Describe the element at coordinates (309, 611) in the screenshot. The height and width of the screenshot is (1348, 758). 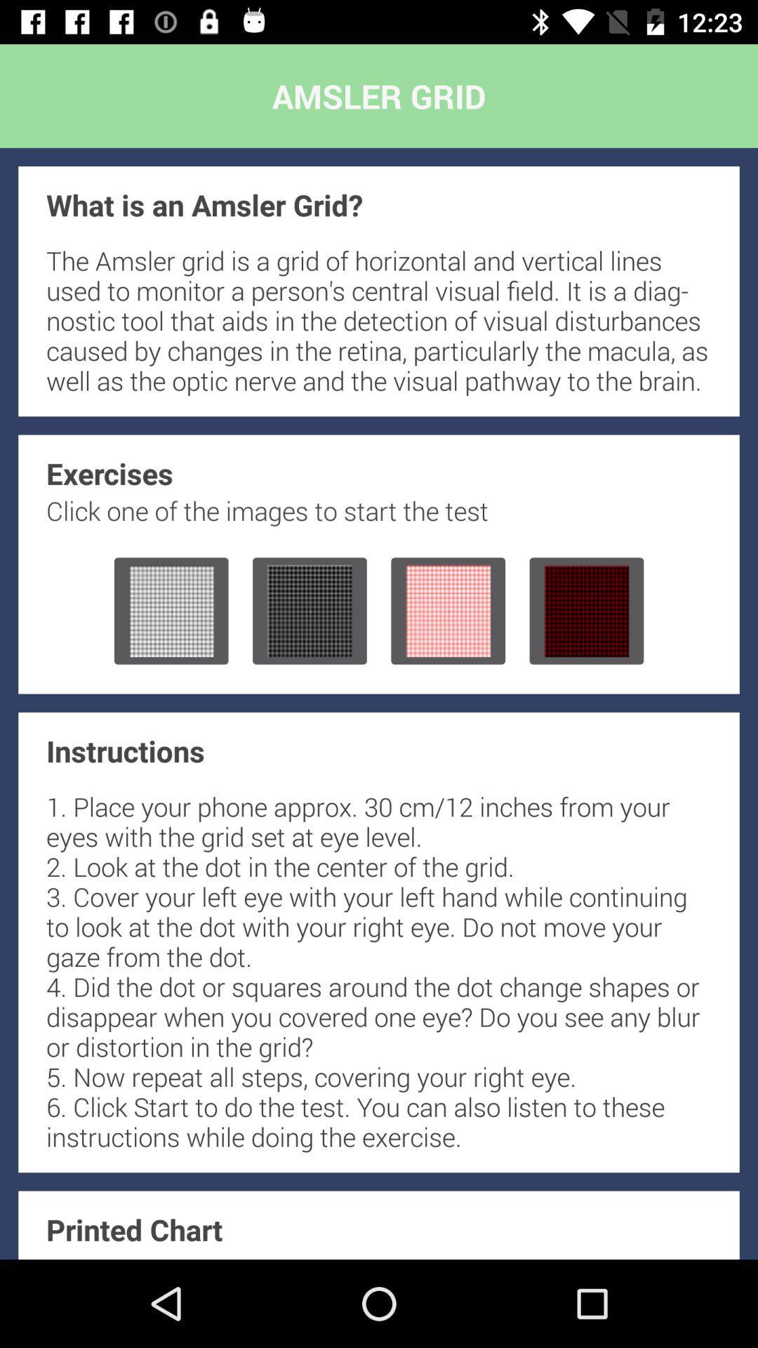
I see `it a choice for a gray image` at that location.